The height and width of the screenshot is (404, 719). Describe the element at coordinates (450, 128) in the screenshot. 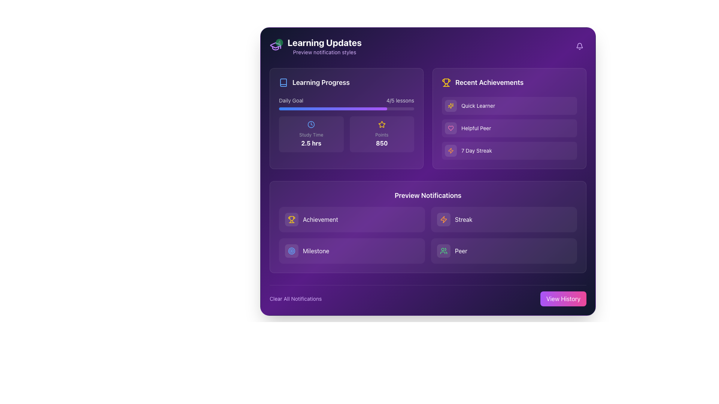

I see `the heart icon located within the light pink rounded box at the bottom right of the interface` at that location.